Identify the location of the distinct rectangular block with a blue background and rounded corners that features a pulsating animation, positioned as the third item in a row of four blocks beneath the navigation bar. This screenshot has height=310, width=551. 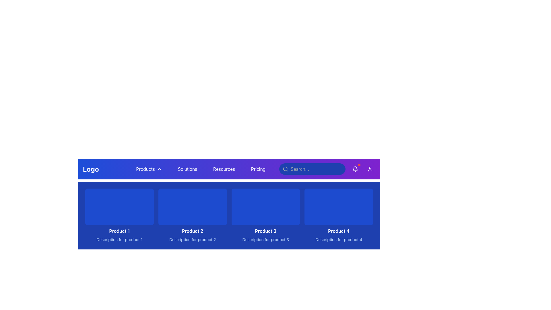
(265, 207).